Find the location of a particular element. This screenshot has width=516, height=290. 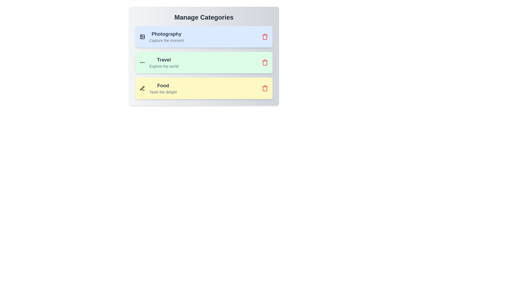

the text 'Photography' to select it is located at coordinates (166, 34).